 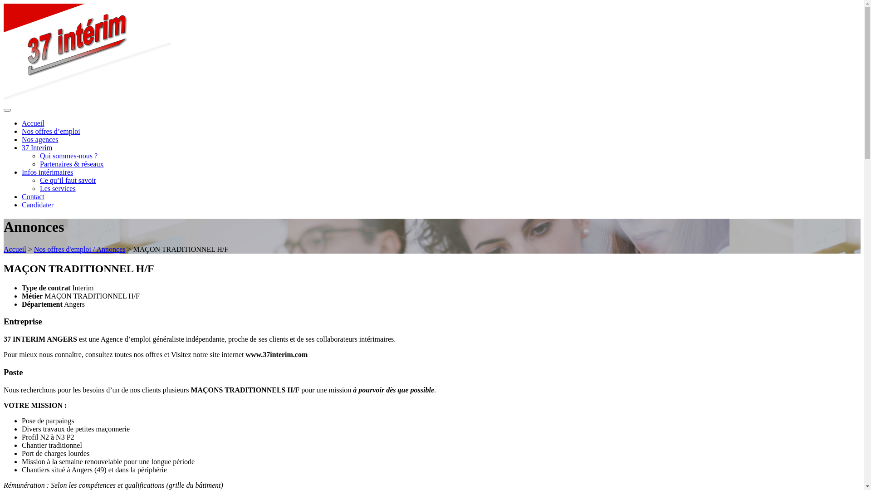 What do you see at coordinates (36, 147) in the screenshot?
I see `'37 Interim'` at bounding box center [36, 147].